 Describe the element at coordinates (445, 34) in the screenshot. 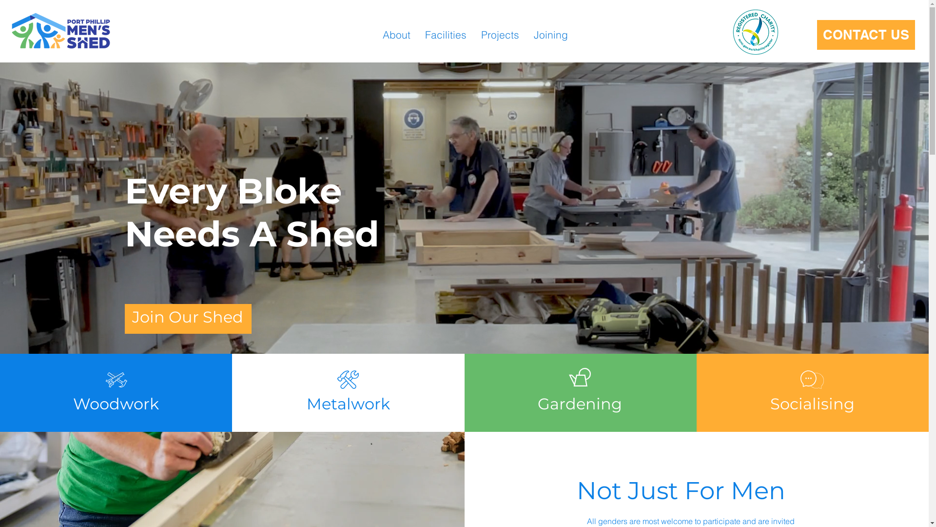

I see `'Facilities'` at that location.